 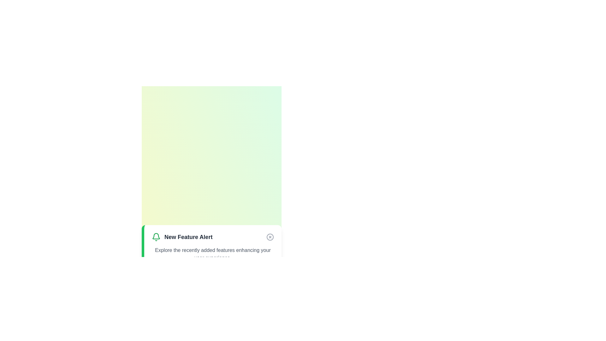 I want to click on the decorative notification icon located to the left of the text 'New Feature Alert' in the top-left corner of the alert box, so click(x=156, y=236).